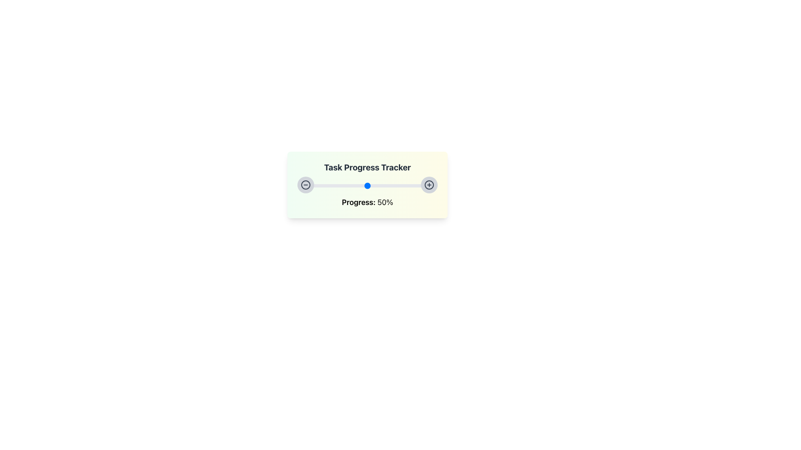  What do you see at coordinates (429, 184) in the screenshot?
I see `the circular gray button with a plus sign (+) icon located at the right end of the horizontal progress bar` at bounding box center [429, 184].